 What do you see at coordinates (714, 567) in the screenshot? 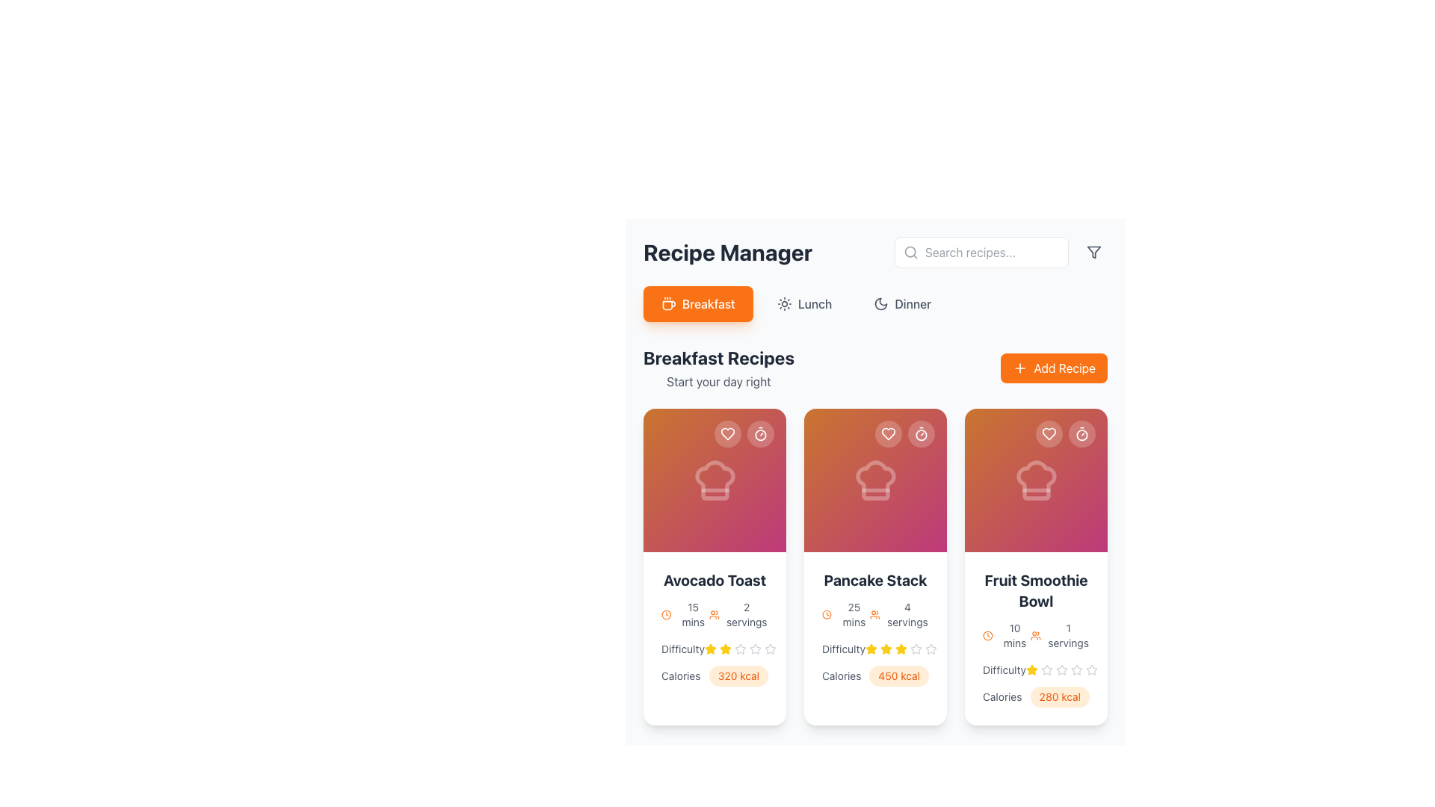
I see `the Avocado Toast recipe card` at bounding box center [714, 567].